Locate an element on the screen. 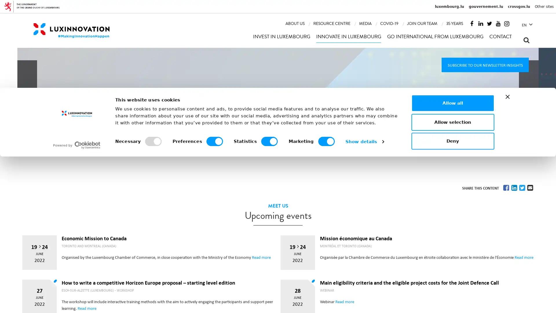 The width and height of the screenshot is (556, 313). Allow selection is located at coordinates (452, 278).